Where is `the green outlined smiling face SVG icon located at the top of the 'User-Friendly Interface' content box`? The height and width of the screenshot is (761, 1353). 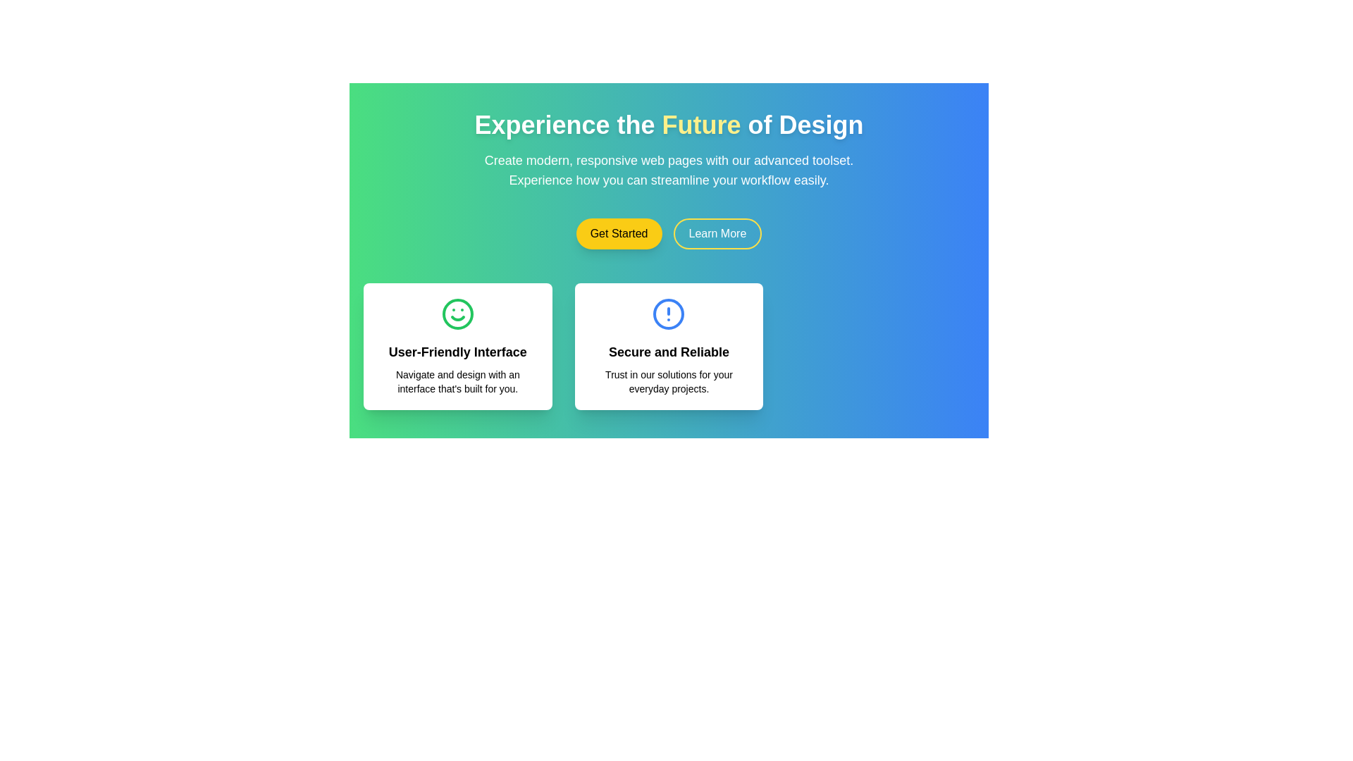
the green outlined smiling face SVG icon located at the top of the 'User-Friendly Interface' content box is located at coordinates (457, 314).